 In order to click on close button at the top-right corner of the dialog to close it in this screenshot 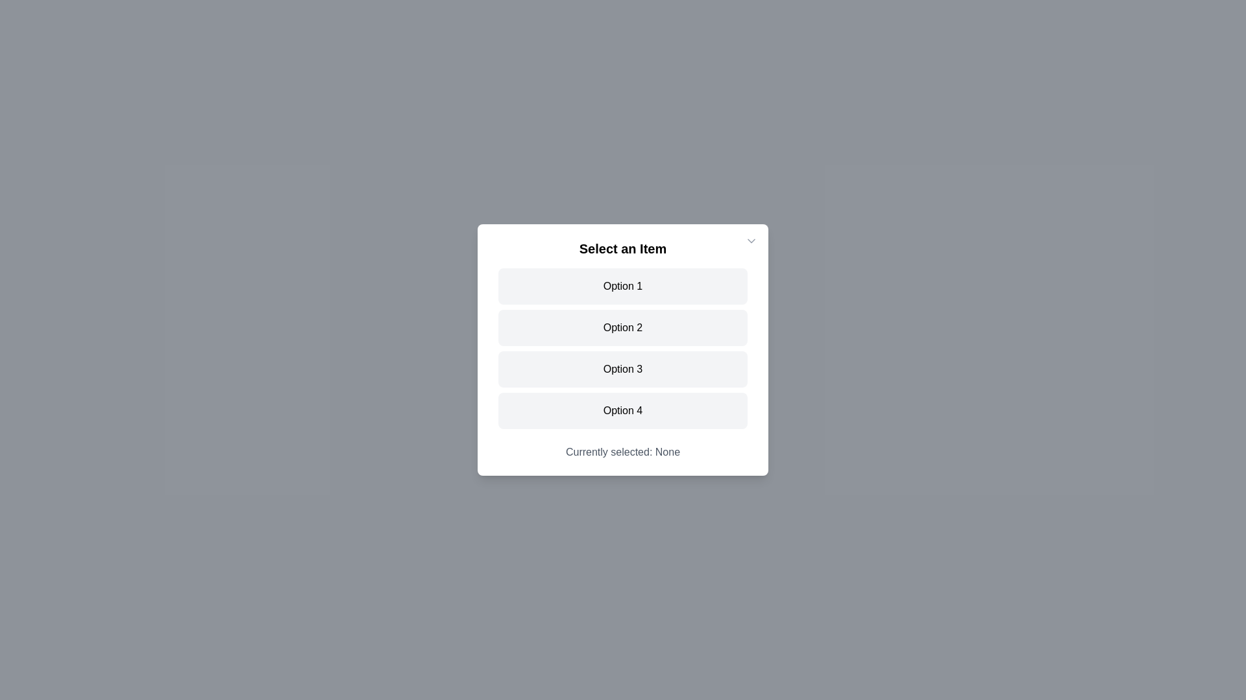, I will do `click(751, 240)`.